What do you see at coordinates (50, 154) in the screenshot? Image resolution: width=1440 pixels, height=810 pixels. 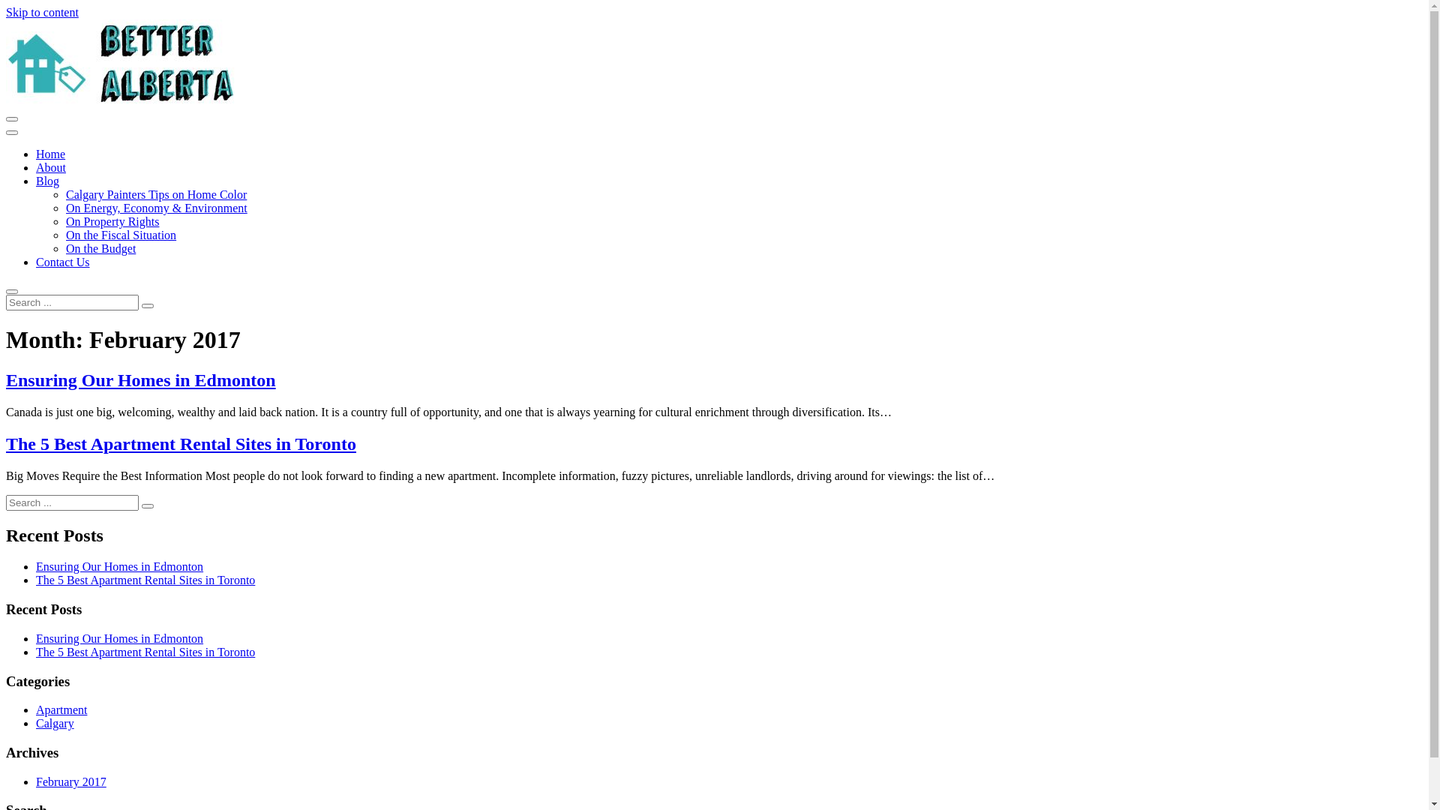 I see `'Home'` at bounding box center [50, 154].